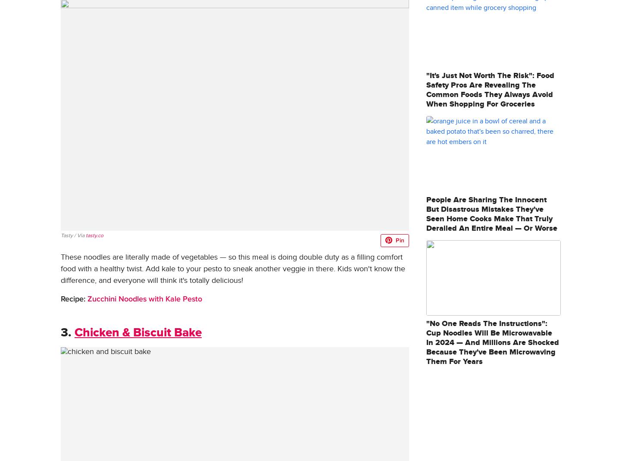 Image resolution: width=625 pixels, height=461 pixels. I want to click on 'Tasty / Via', so click(72, 235).